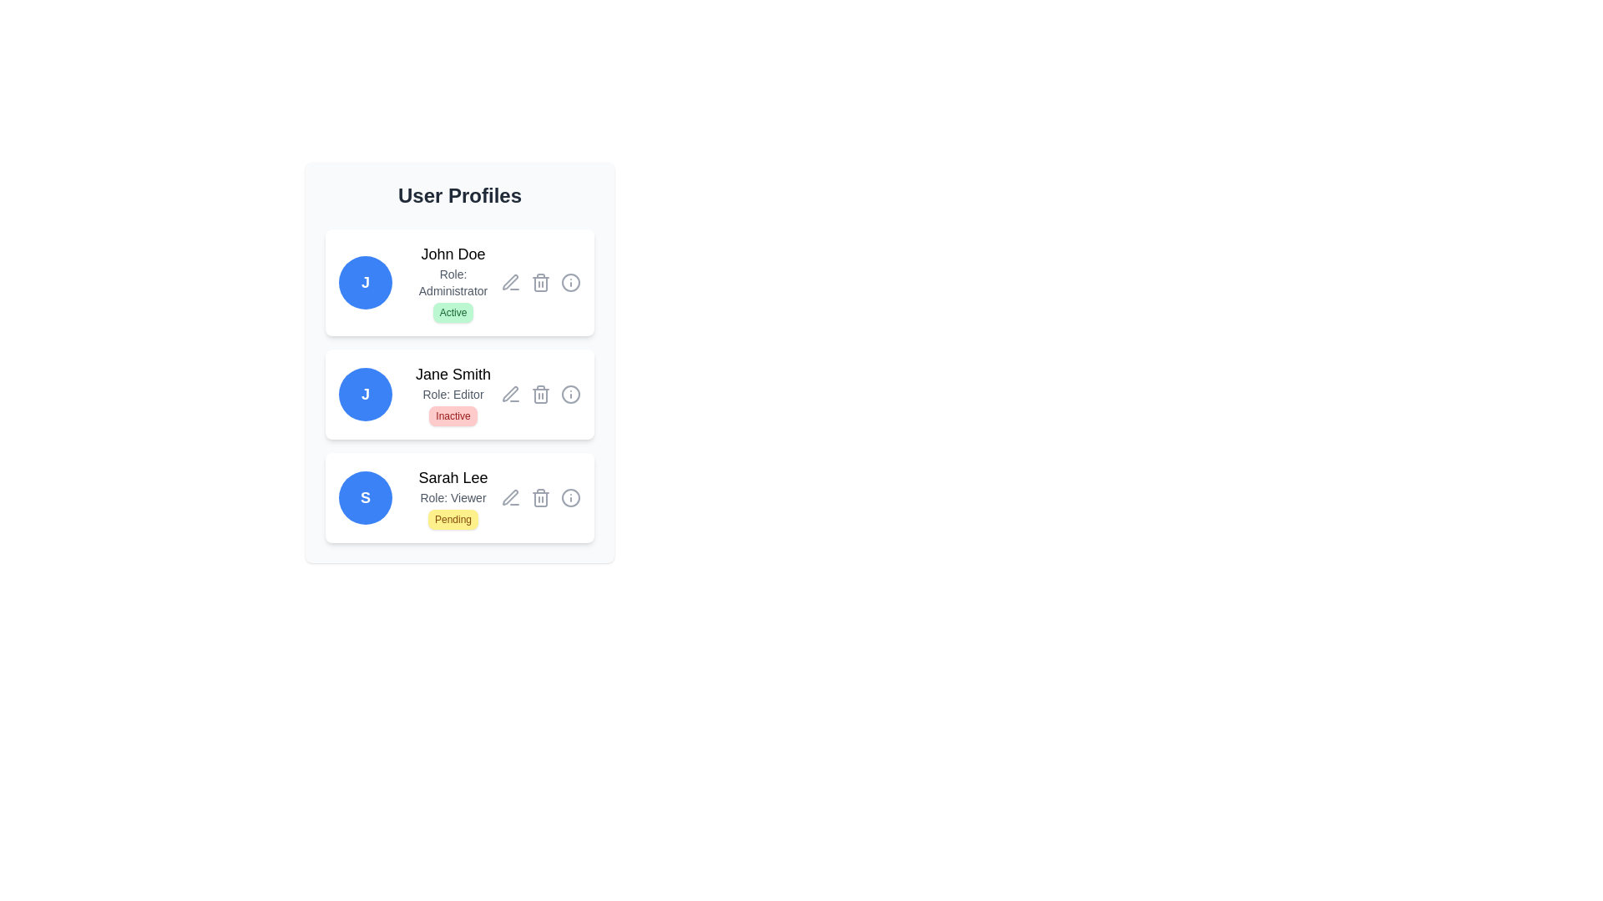 The width and height of the screenshot is (1603, 901). I want to click on the Label displaying 'Role: Editor' which is located beneath the name 'Jane Smith' and above the 'Inactive' badge, so click(453, 395).